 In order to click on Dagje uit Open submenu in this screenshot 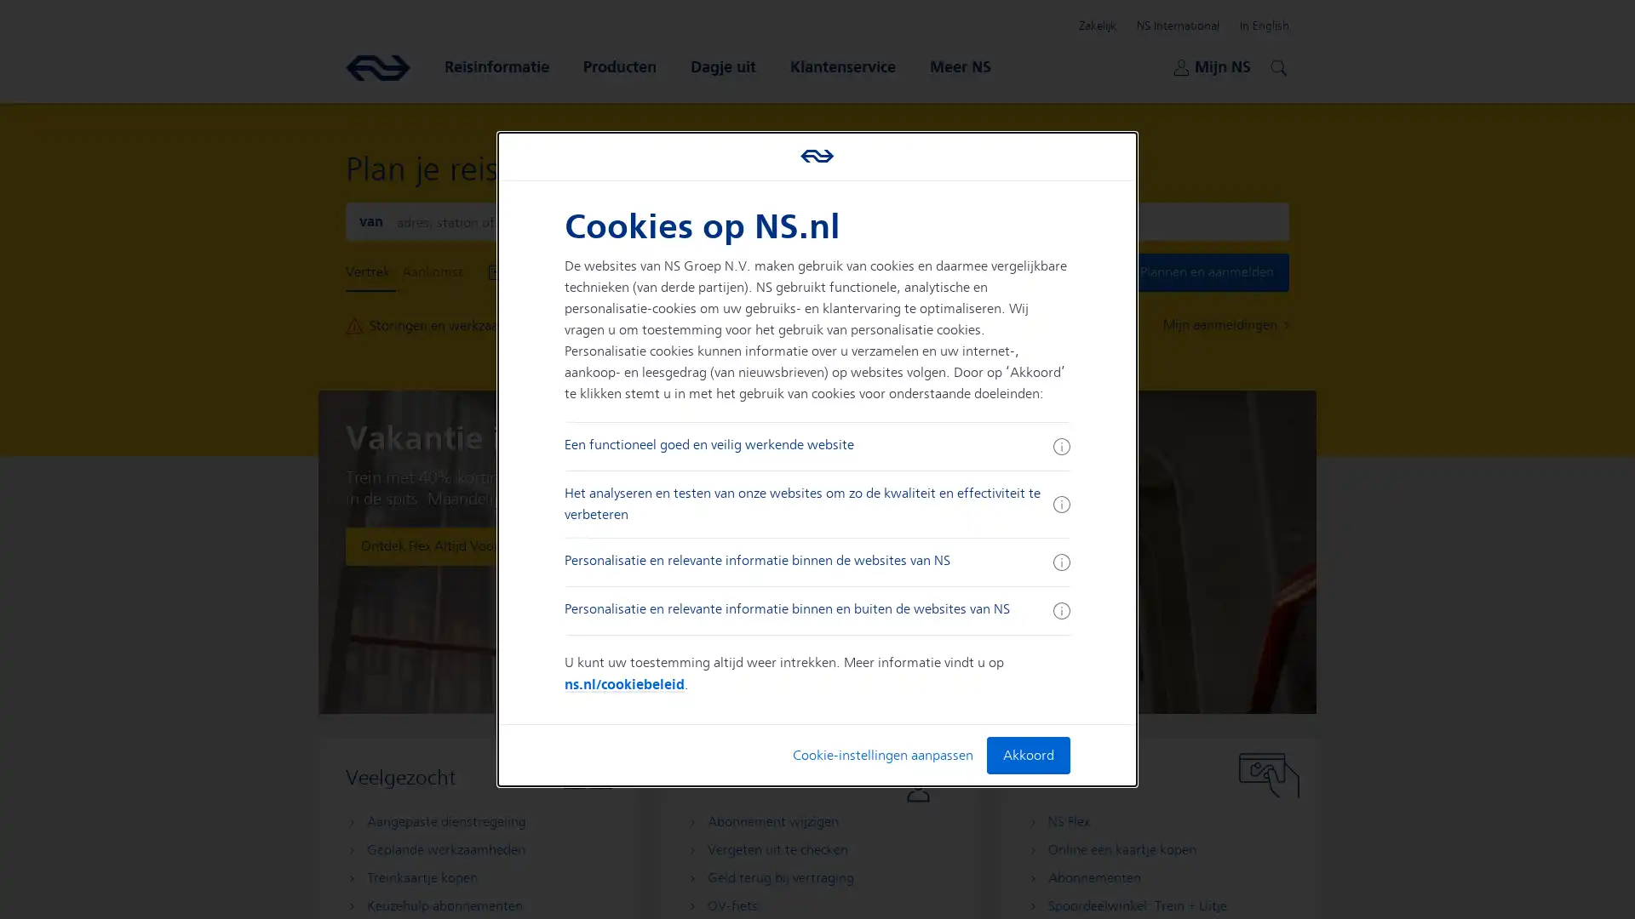, I will do `click(723, 66)`.